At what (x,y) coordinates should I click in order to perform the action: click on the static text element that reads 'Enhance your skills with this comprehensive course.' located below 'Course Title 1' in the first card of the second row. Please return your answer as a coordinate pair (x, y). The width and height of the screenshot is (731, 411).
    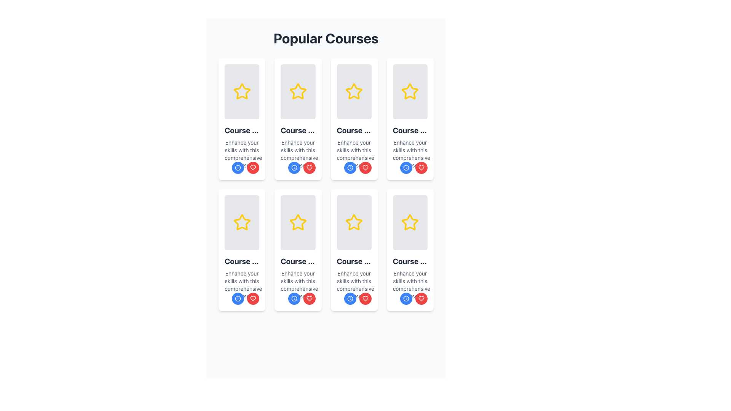
    Looking at the image, I should click on (241, 154).